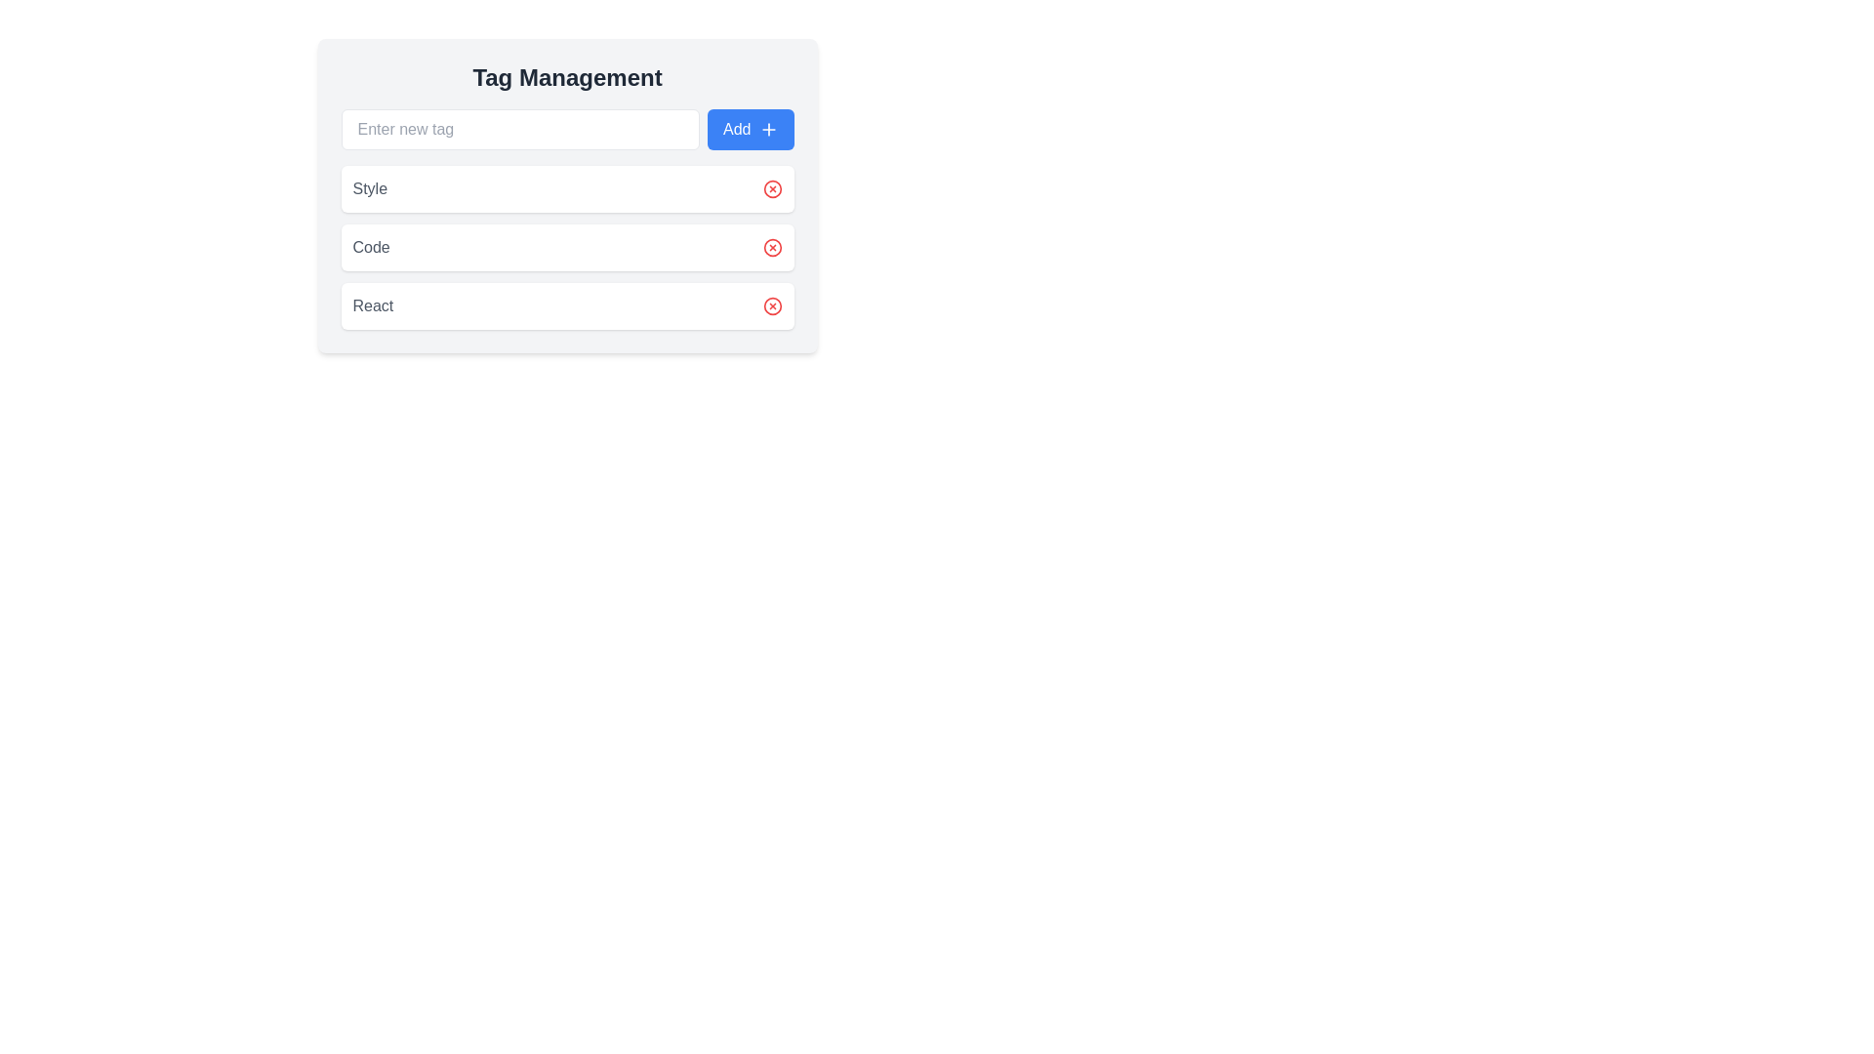 The width and height of the screenshot is (1874, 1054). Describe the element at coordinates (767, 129) in the screenshot. I see `the plus icon within the blue 'Add' button located at the top-right of the 'Tag Management' content box` at that location.